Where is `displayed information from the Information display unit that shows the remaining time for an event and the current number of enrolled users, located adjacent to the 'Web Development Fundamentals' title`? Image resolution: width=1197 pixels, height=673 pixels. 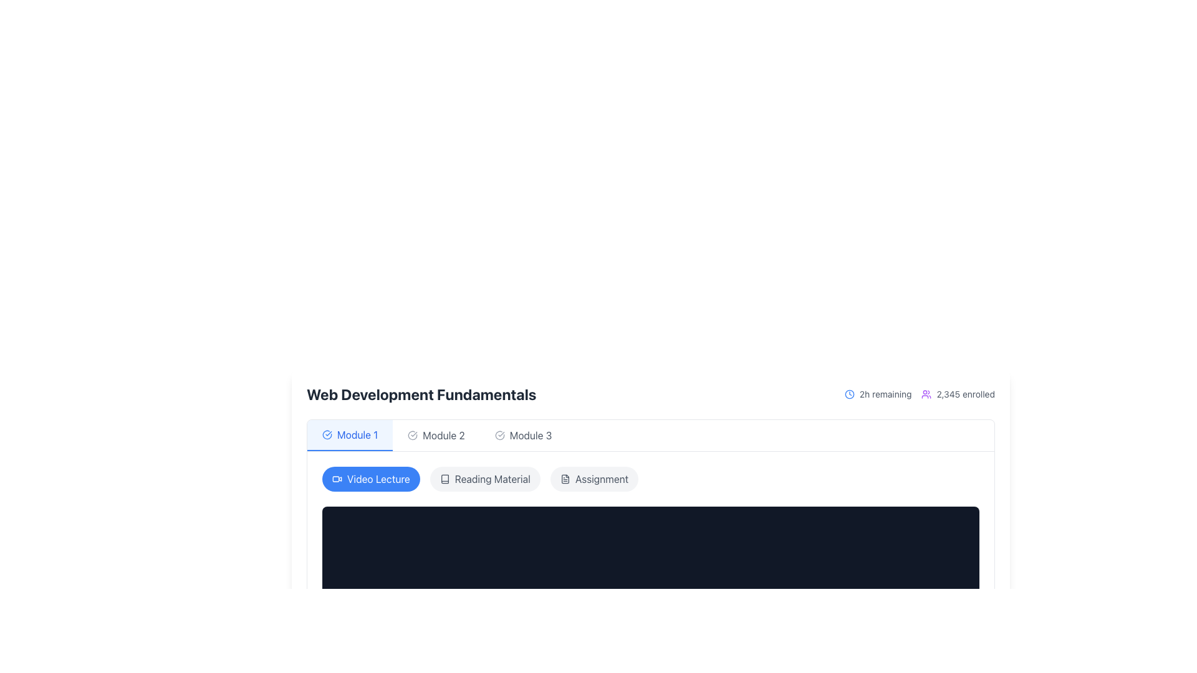 displayed information from the Information display unit that shows the remaining time for an event and the current number of enrolled users, located adjacent to the 'Web Development Fundamentals' title is located at coordinates (920, 394).